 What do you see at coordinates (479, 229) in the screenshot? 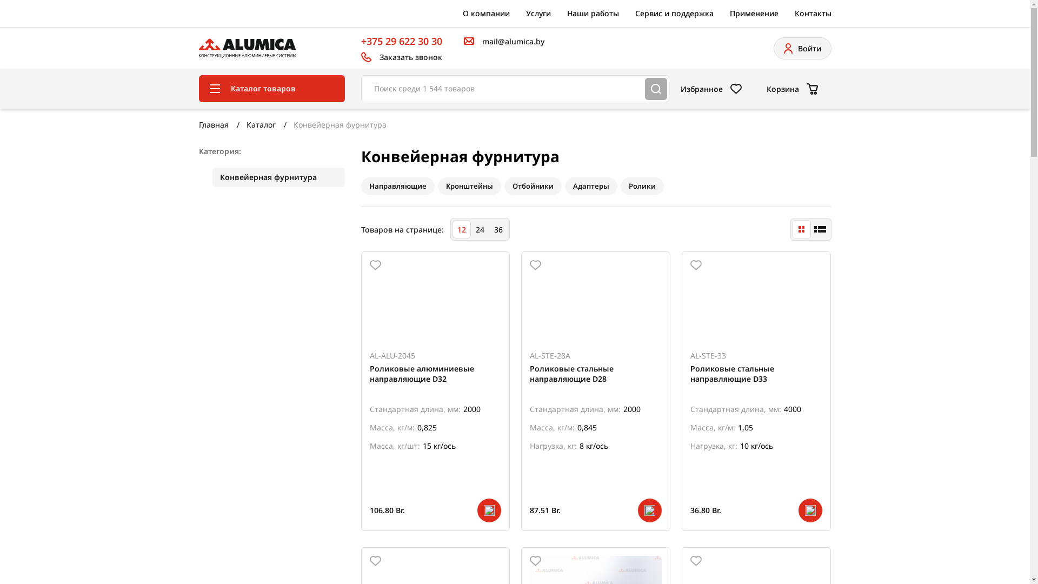
I see `'24'` at bounding box center [479, 229].